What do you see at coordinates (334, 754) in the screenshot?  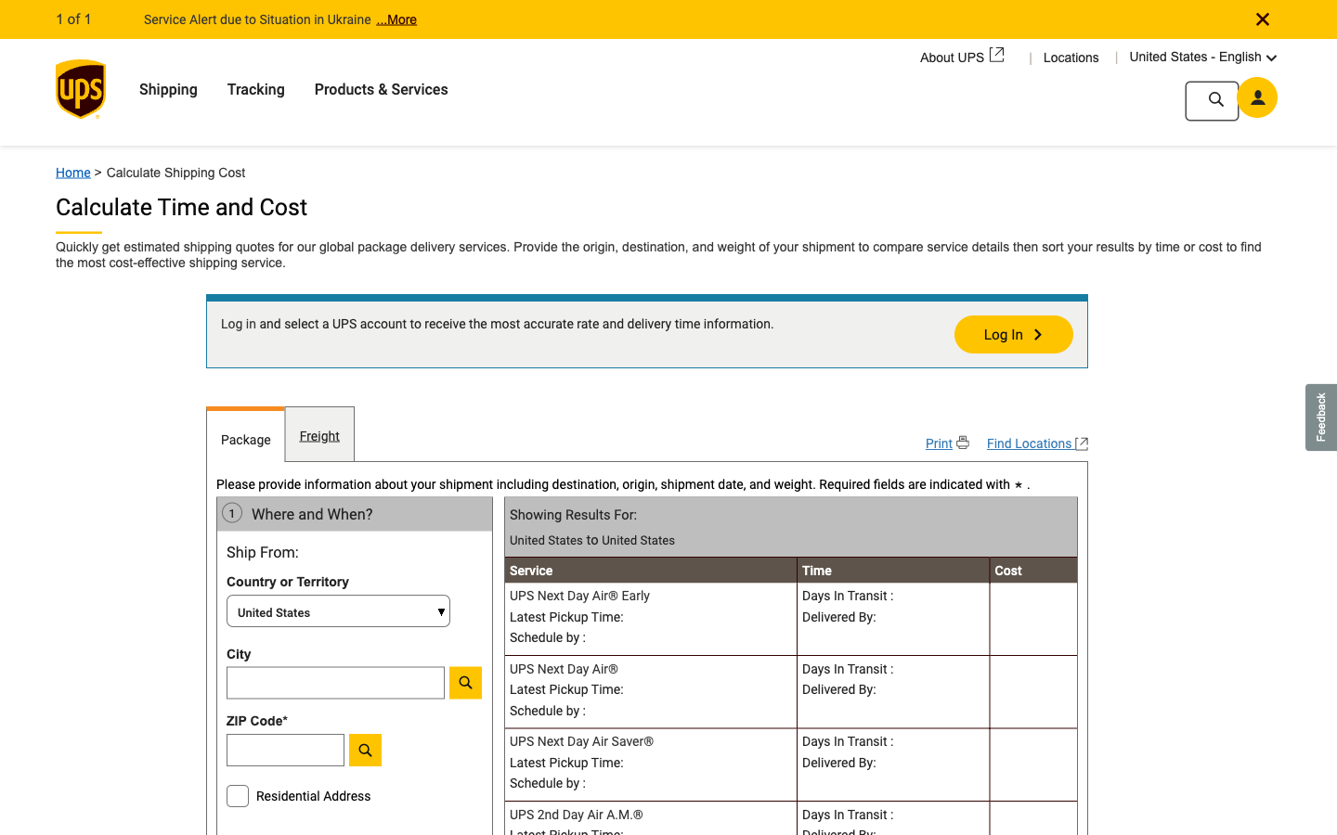 I see `Enter the copied Zip Code into the search field to trace the package` at bounding box center [334, 754].